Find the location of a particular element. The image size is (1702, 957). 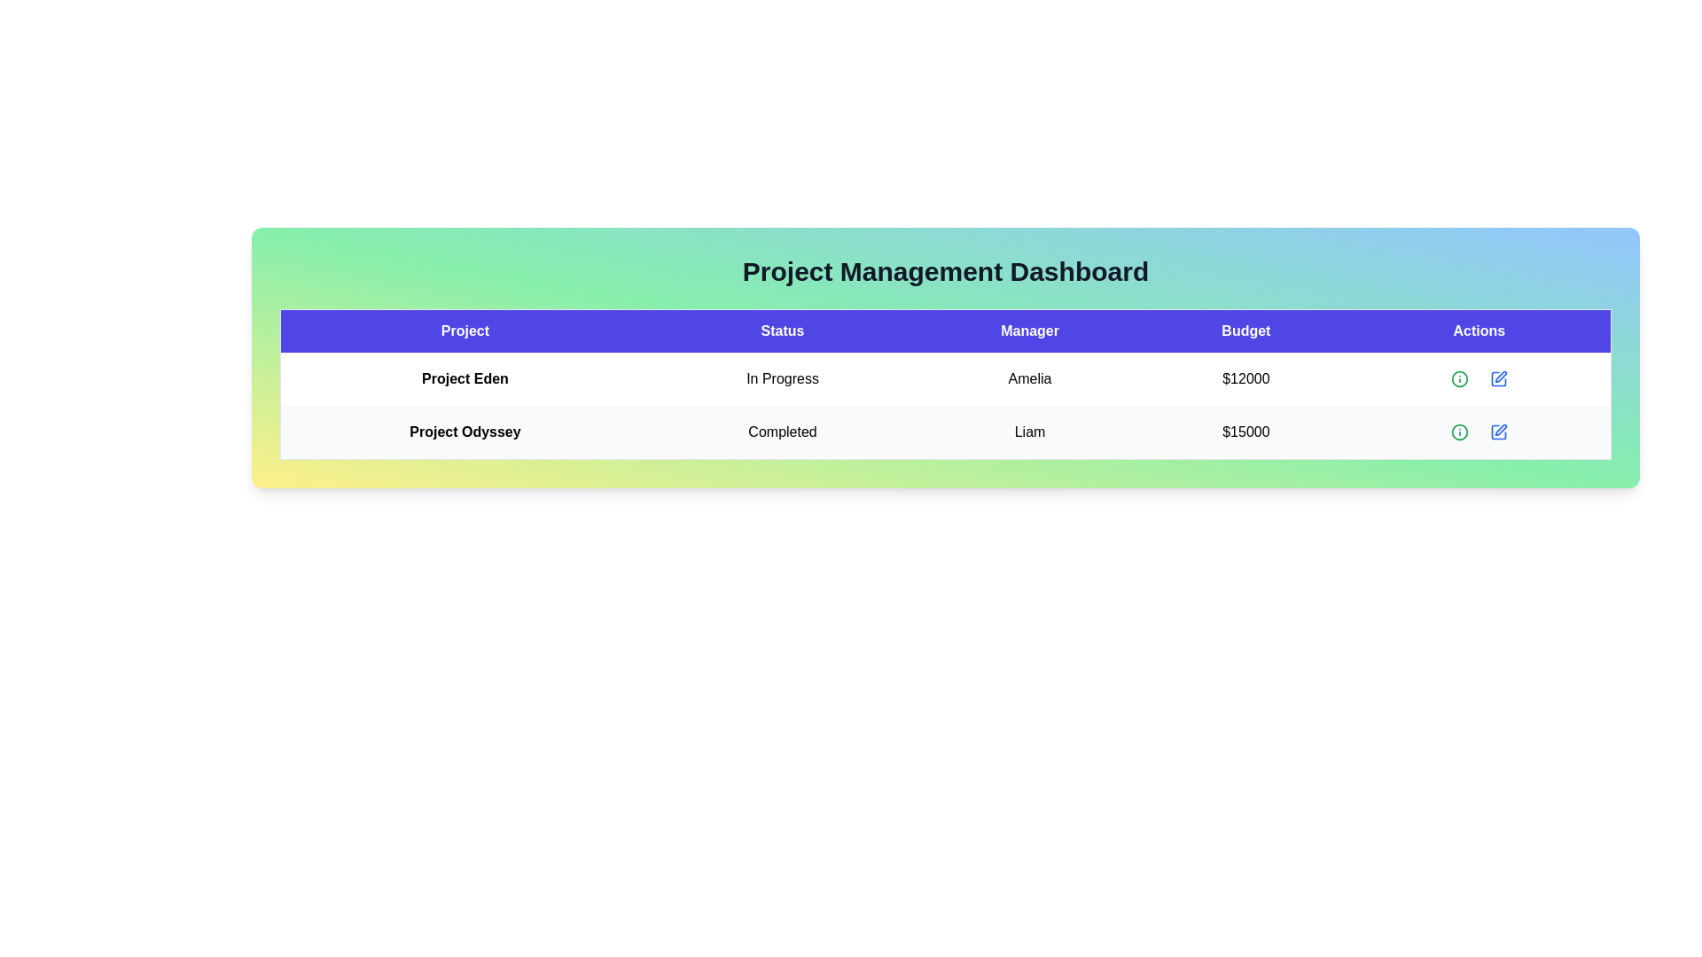

the first row of the project details table displaying 'Project Eden', 'In Progress', 'Amelia', and '$12000' is located at coordinates (944, 378).